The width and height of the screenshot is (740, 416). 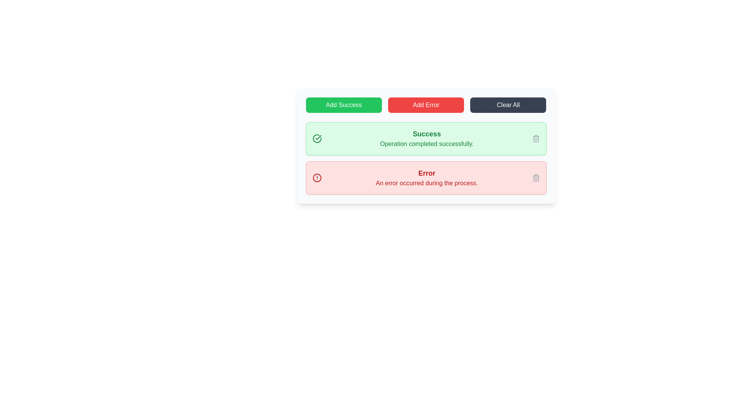 I want to click on the 'Success' text block which is a prominent notification element containing a bold title and descriptive text, located beneath the primary action buttons, so click(x=426, y=138).